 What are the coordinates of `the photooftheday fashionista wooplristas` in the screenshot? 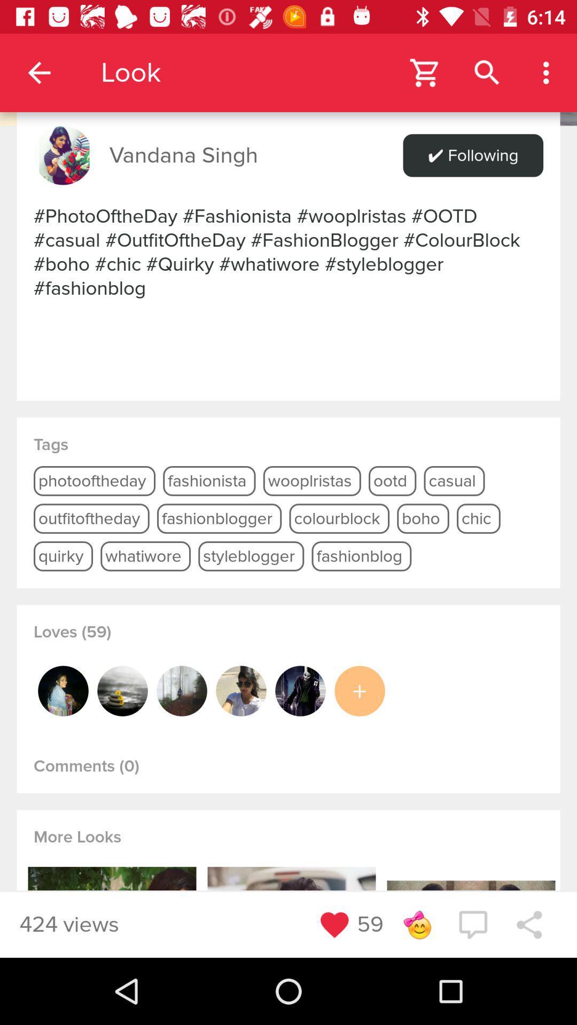 It's located at (288, 251).